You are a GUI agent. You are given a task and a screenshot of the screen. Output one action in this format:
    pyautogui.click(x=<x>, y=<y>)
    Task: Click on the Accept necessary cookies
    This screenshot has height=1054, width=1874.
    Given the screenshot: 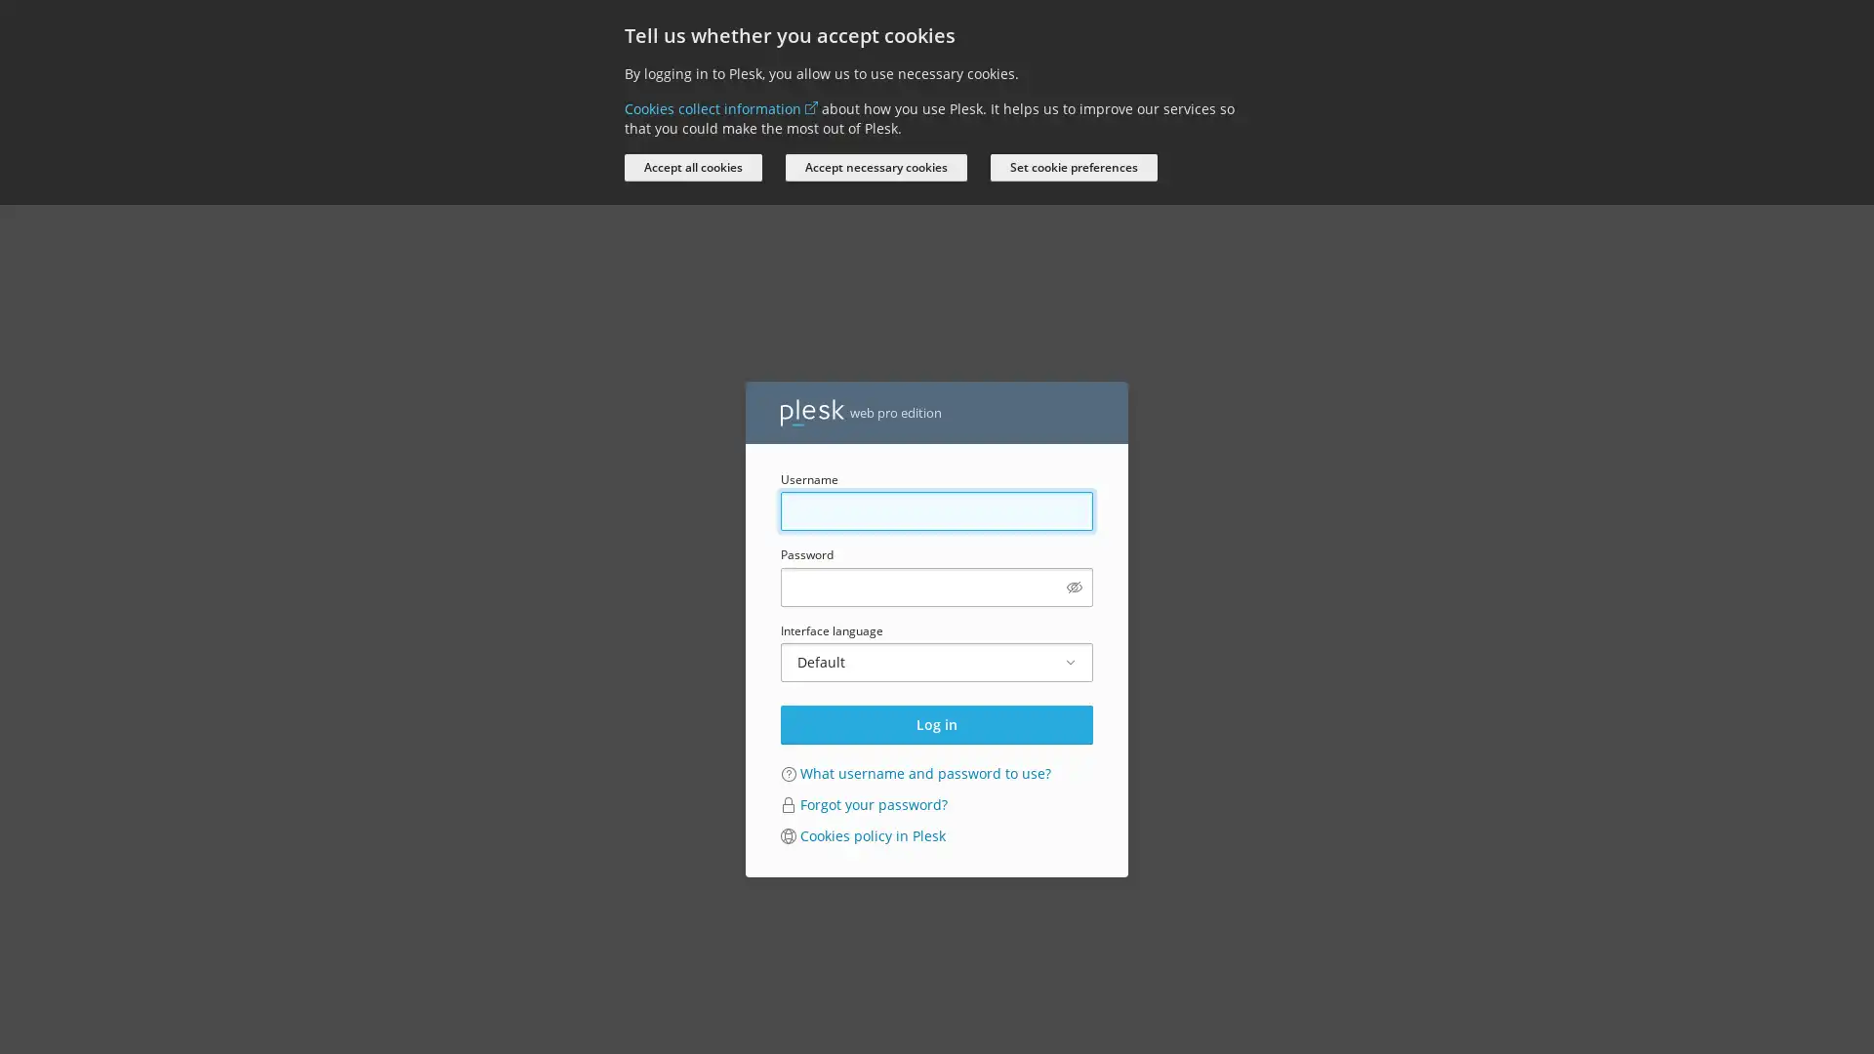 What is the action you would take?
    pyautogui.click(x=875, y=167)
    